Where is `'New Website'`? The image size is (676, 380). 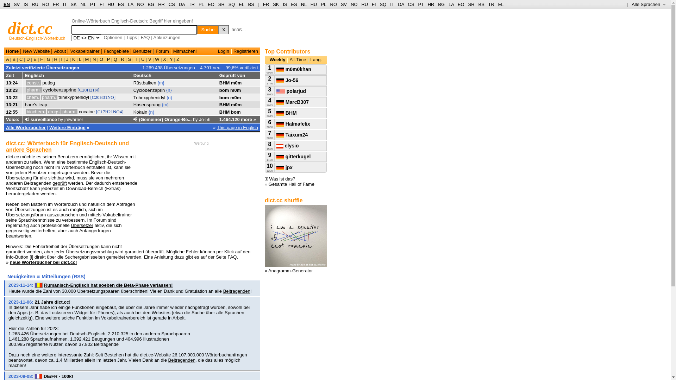
'New Website' is located at coordinates (36, 51).